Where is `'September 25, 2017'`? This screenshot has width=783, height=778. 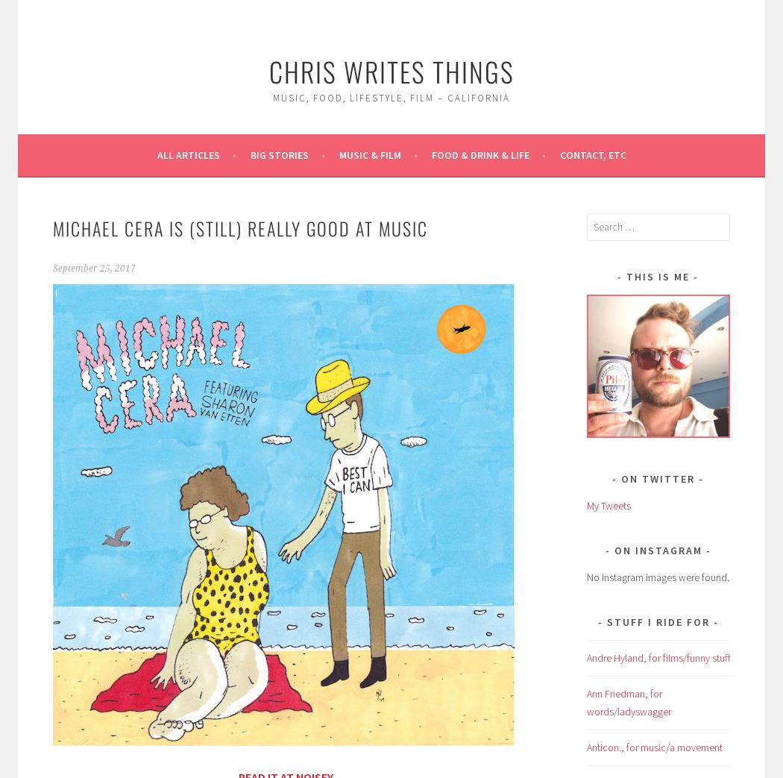
'September 25, 2017' is located at coordinates (51, 267).